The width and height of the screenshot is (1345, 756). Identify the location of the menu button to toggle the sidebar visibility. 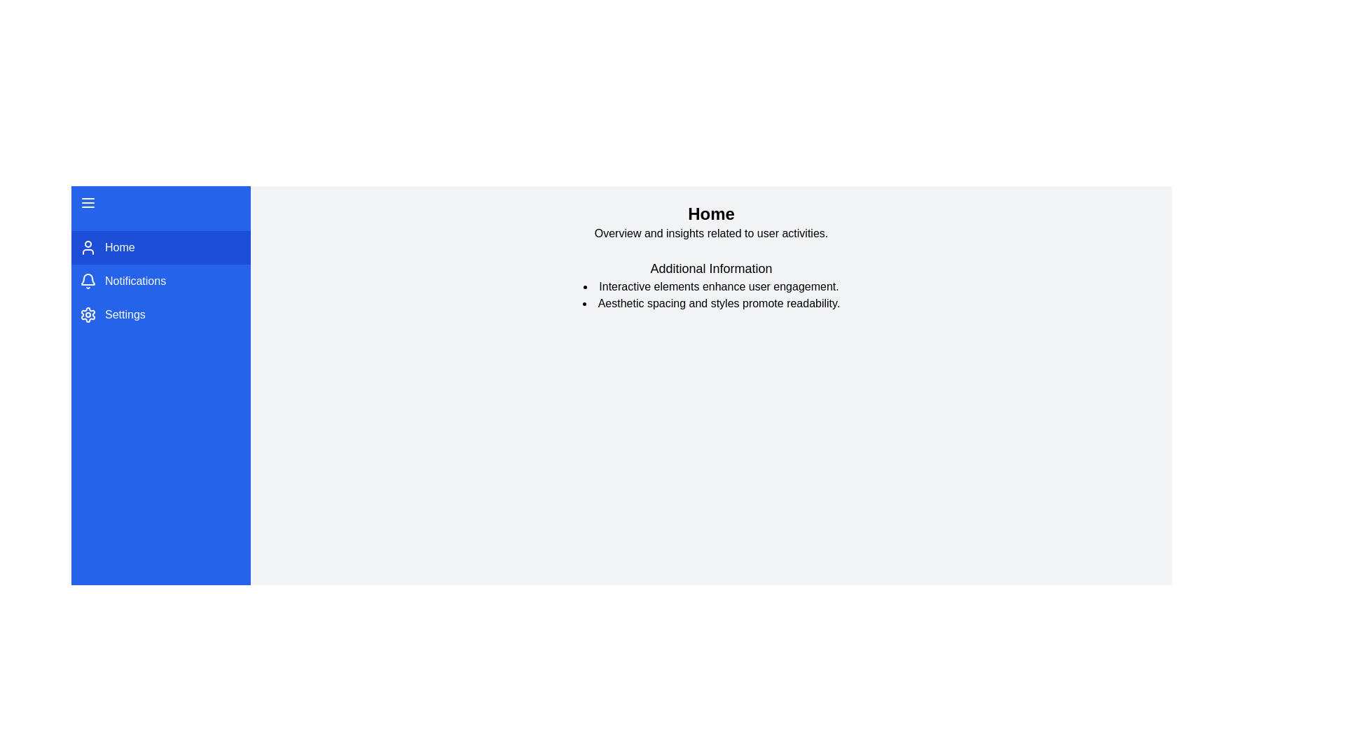
(87, 202).